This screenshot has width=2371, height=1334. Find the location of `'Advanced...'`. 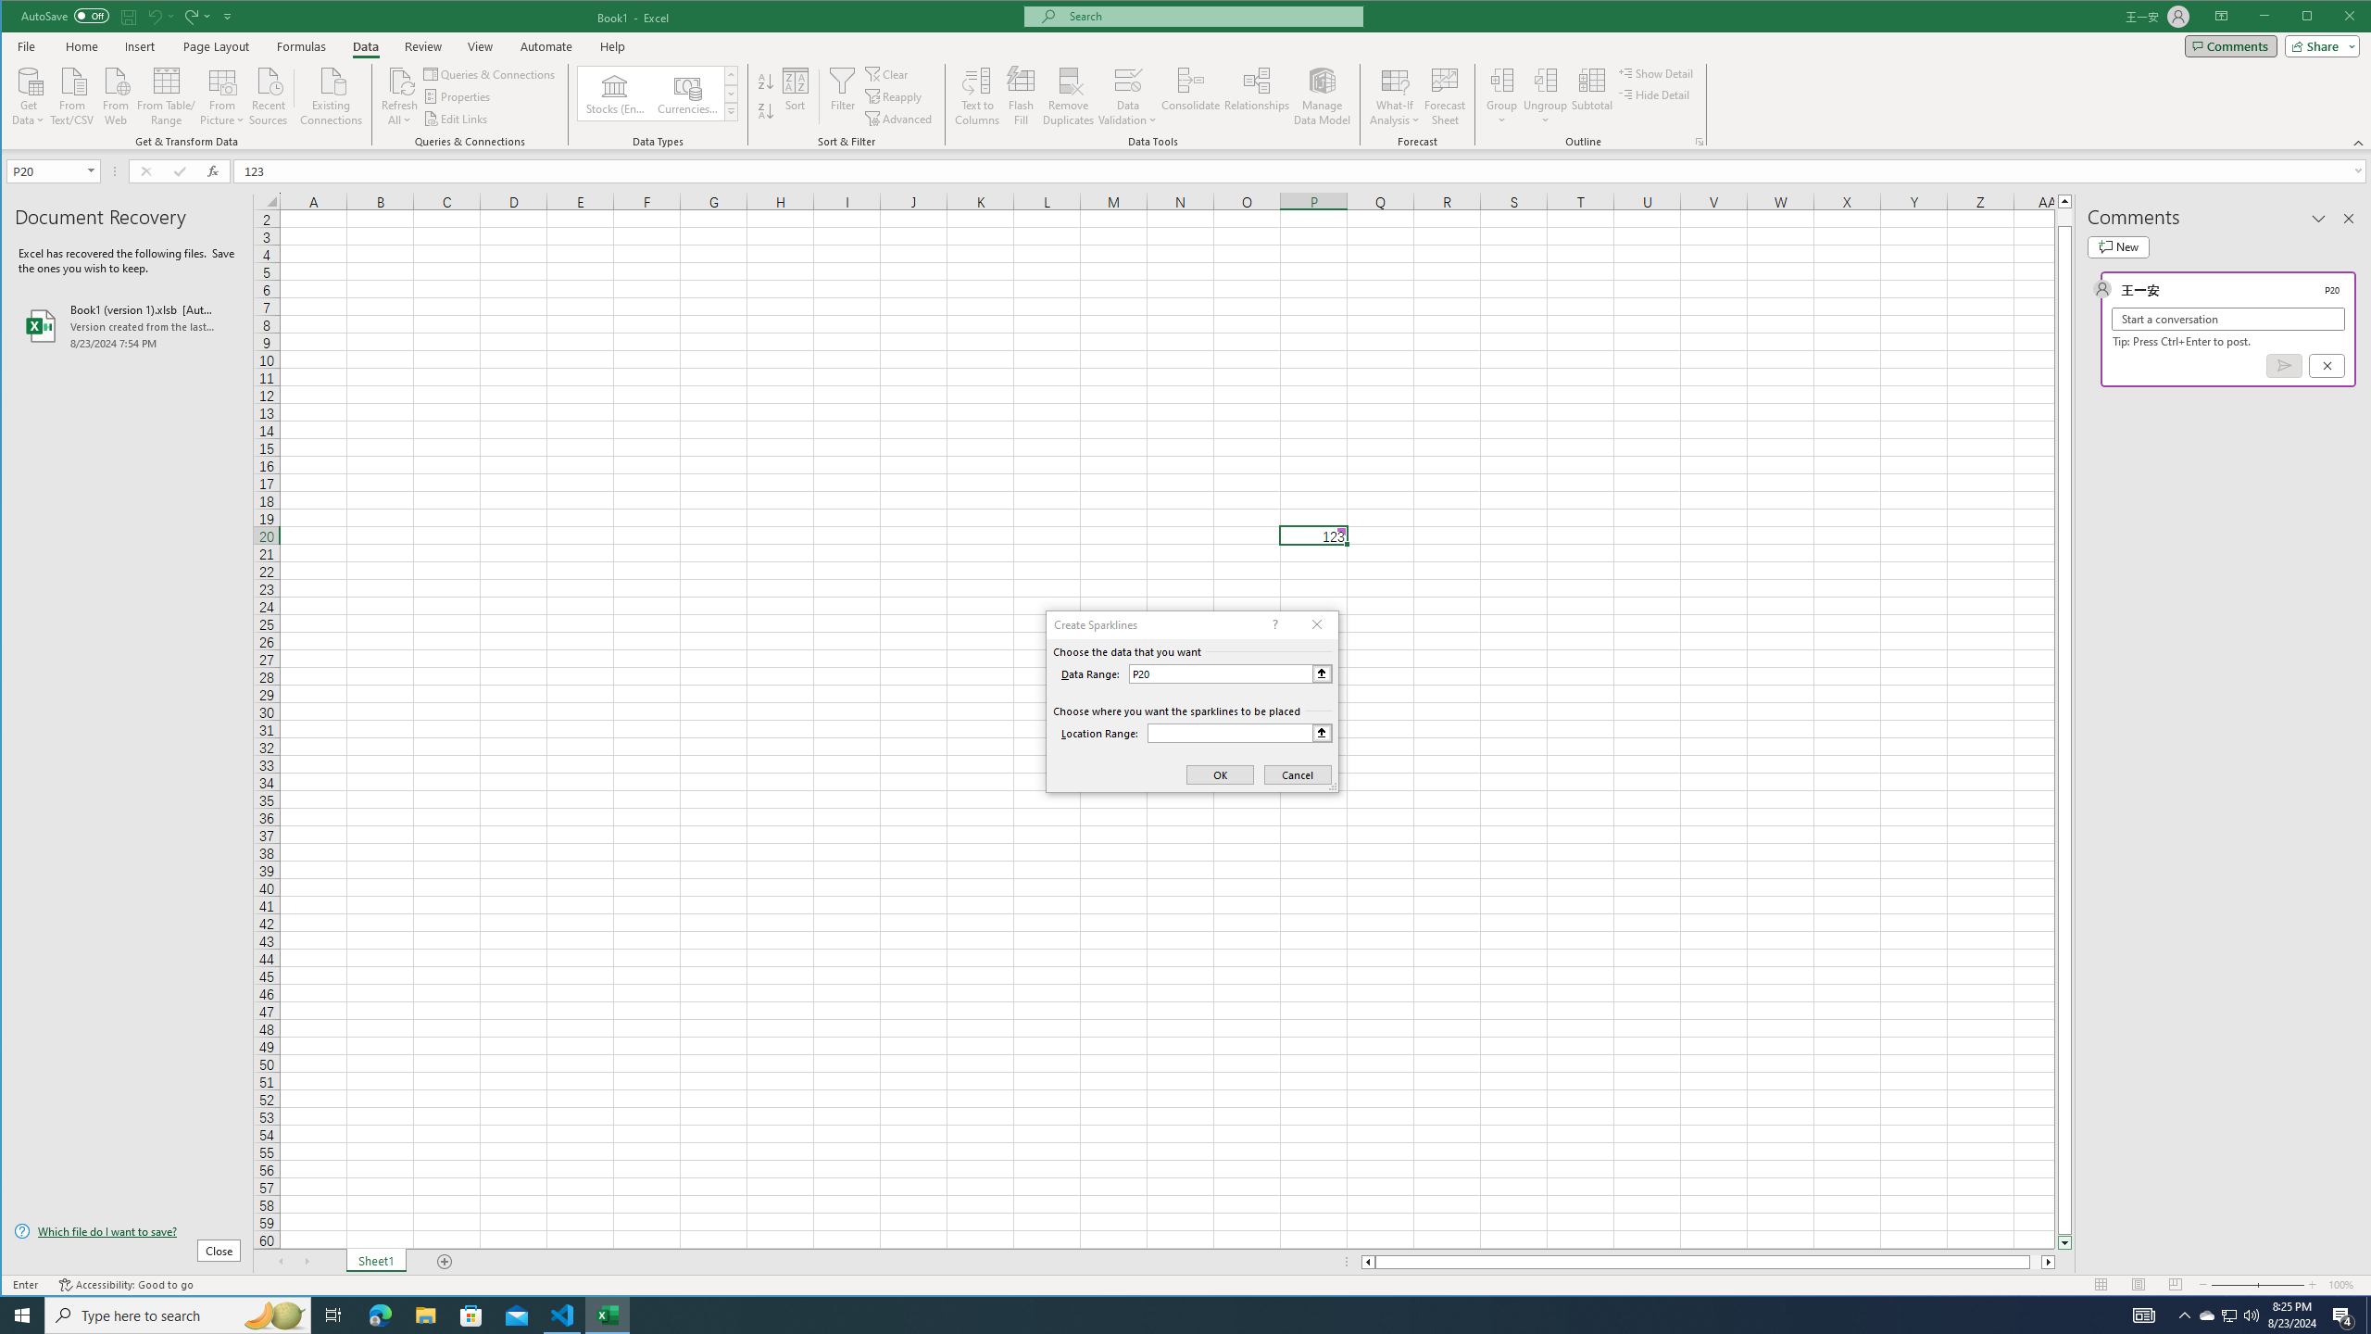

'Advanced...' is located at coordinates (899, 118).